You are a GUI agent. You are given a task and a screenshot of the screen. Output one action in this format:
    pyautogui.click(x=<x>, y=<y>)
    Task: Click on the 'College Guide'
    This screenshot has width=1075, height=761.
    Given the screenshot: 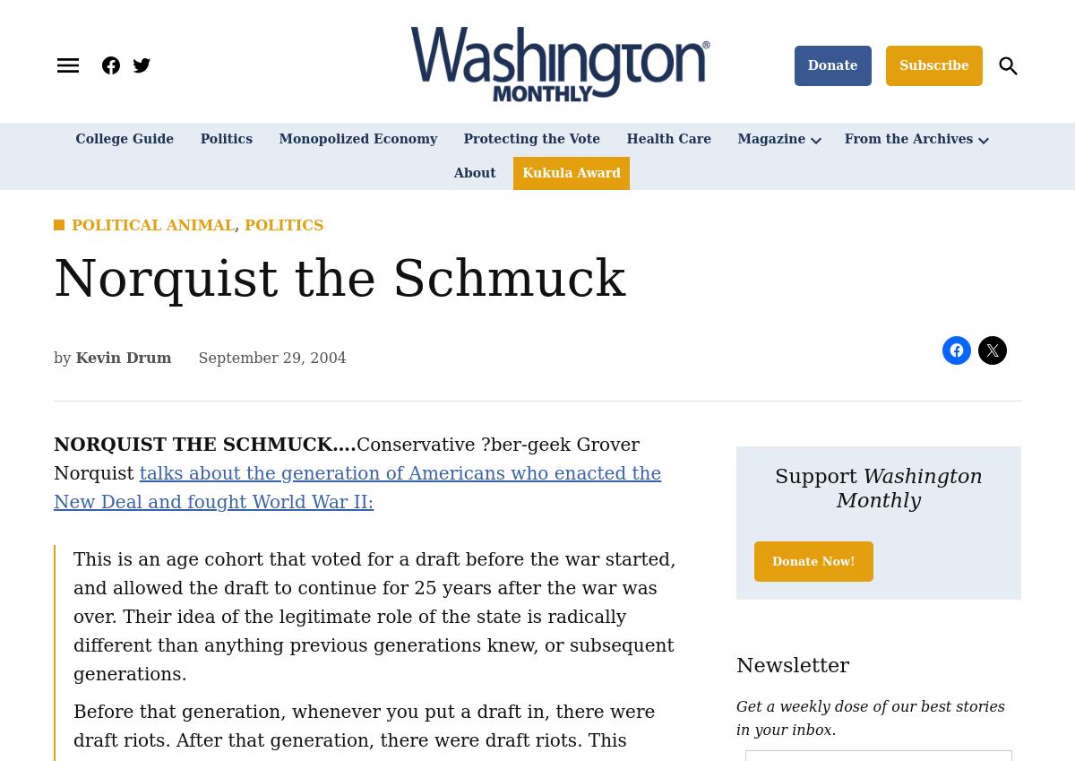 What is the action you would take?
    pyautogui.click(x=124, y=139)
    